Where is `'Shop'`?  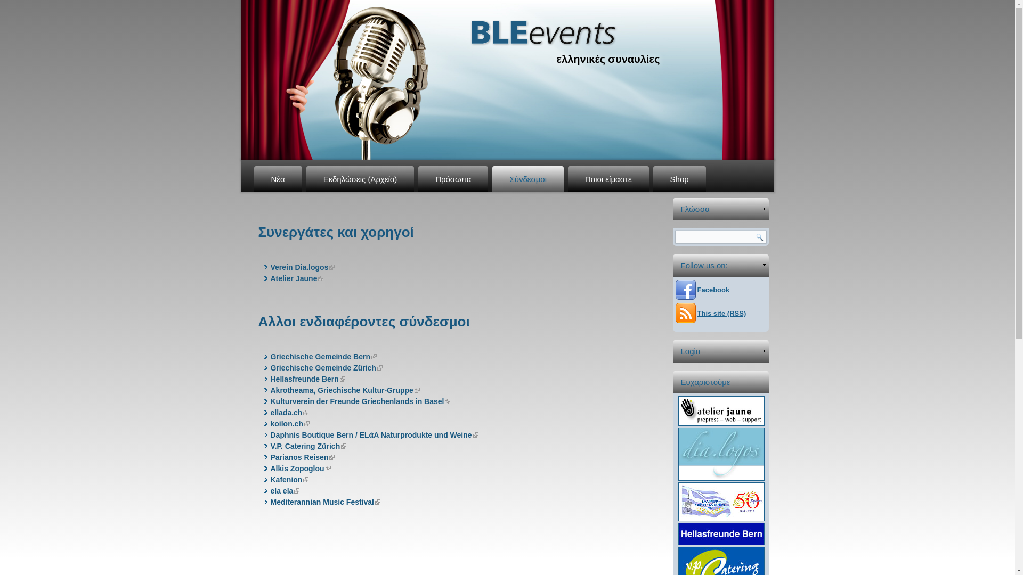 'Shop' is located at coordinates (679, 178).